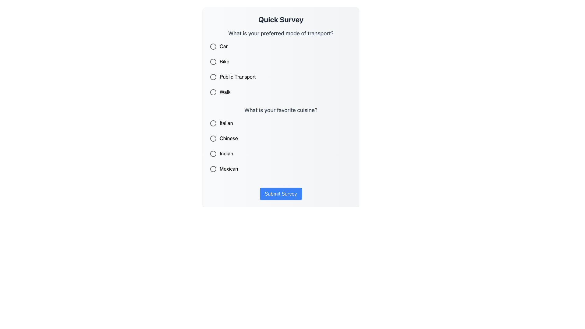 This screenshot has height=329, width=585. Describe the element at coordinates (213, 62) in the screenshot. I see `the second radio button labeled 'Bike'` at that location.